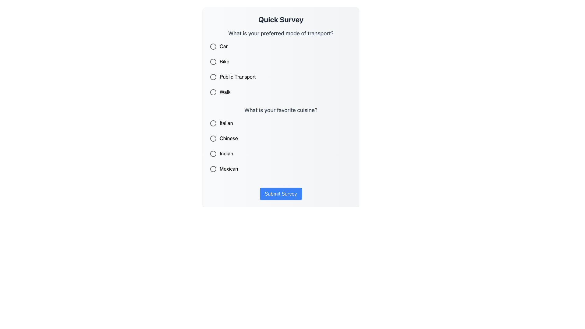 This screenshot has height=329, width=585. Describe the element at coordinates (213, 62) in the screenshot. I see `the second radio button labeled 'Bike'` at that location.